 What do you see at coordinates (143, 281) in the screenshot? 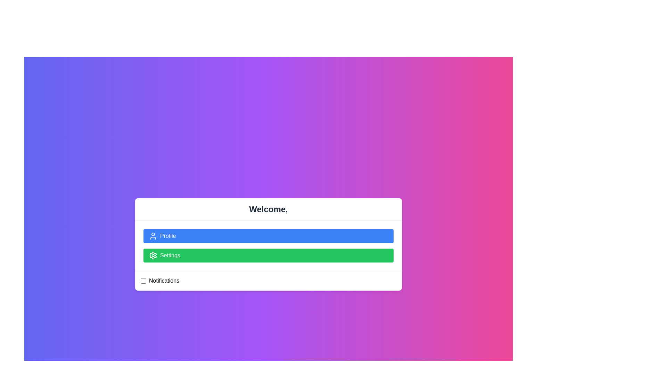
I see `the checkbox located to the left of the 'Notifications' text` at bounding box center [143, 281].